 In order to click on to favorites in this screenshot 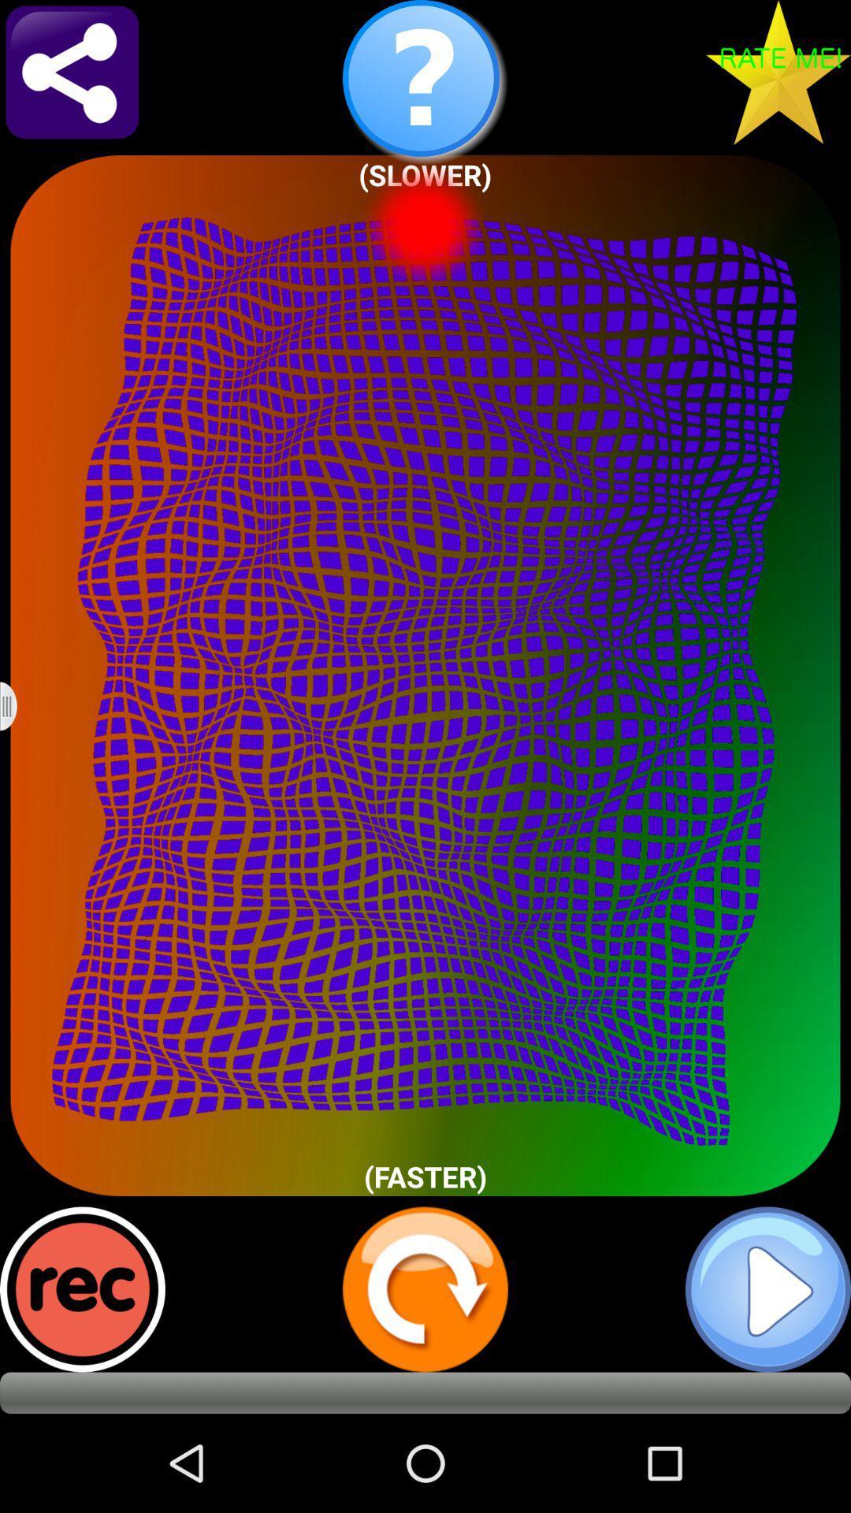, I will do `click(778, 71)`.